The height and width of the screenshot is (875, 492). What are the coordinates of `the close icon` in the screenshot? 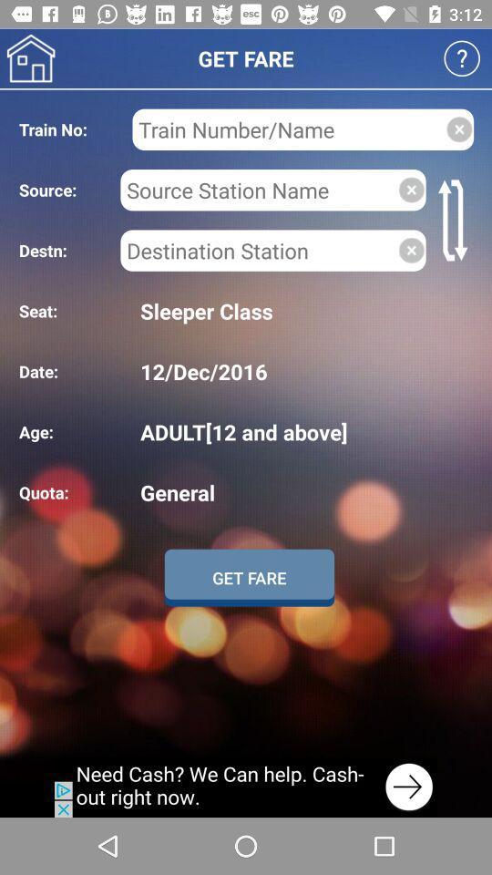 It's located at (411, 190).